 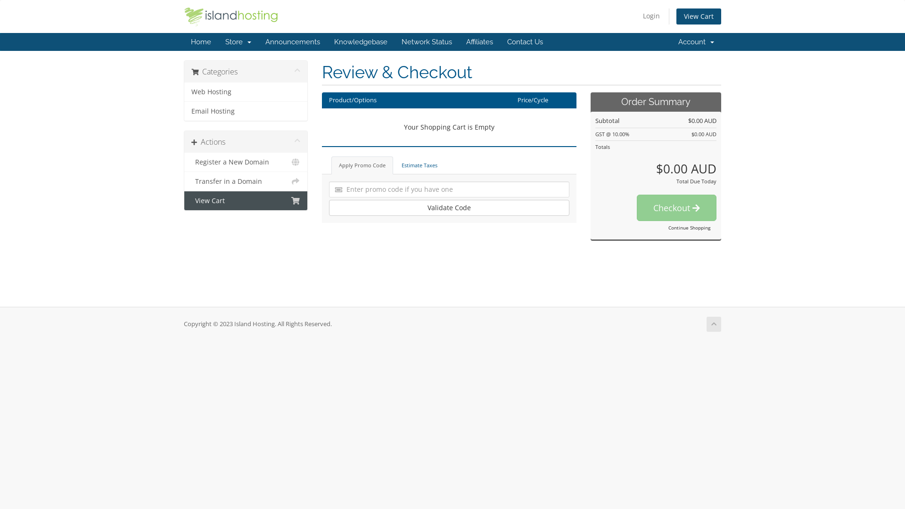 What do you see at coordinates (394, 41) in the screenshot?
I see `'Network Status'` at bounding box center [394, 41].